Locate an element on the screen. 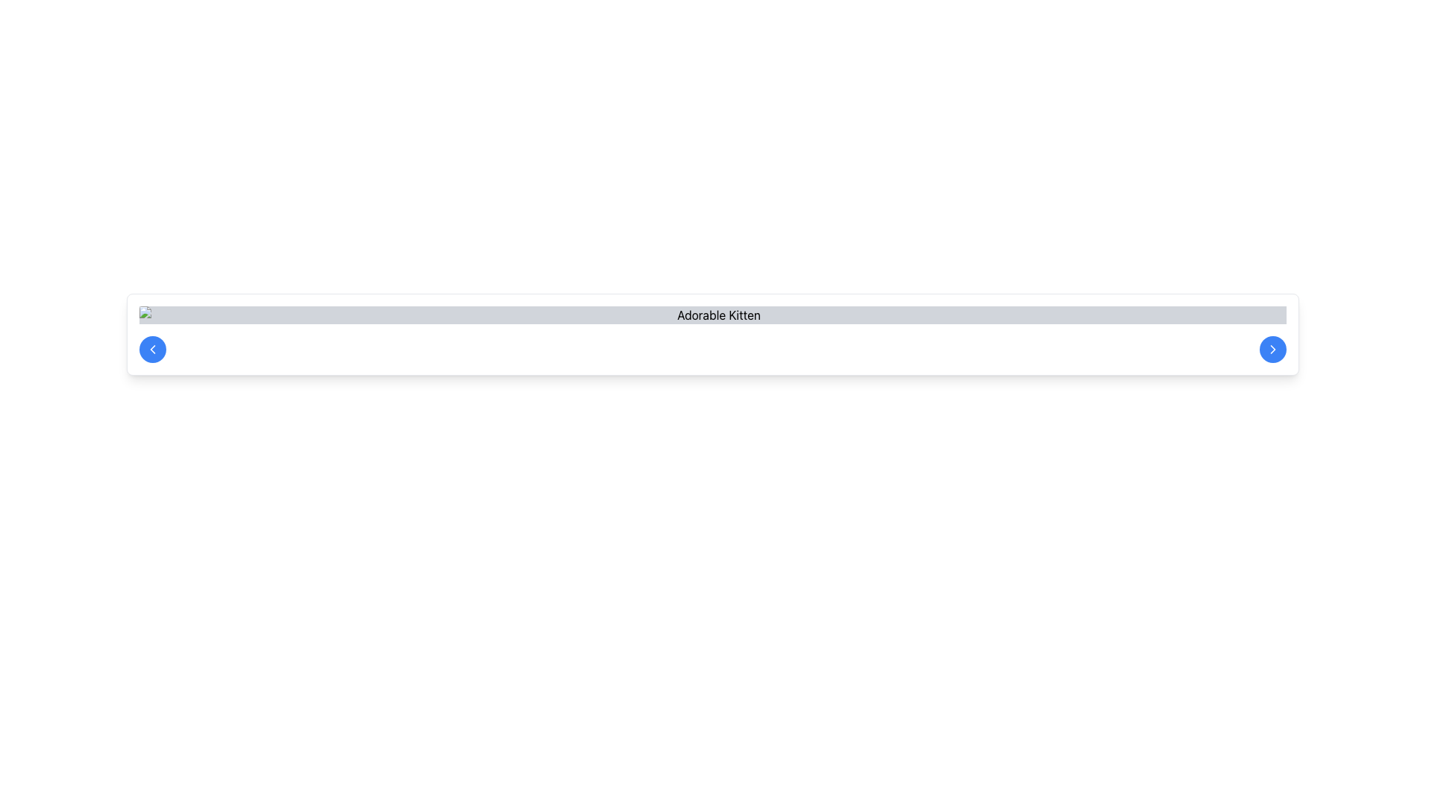 The height and width of the screenshot is (805, 1432). the left navigation control icon adjacent to the text 'Adorable Kitten' is located at coordinates (153, 350).